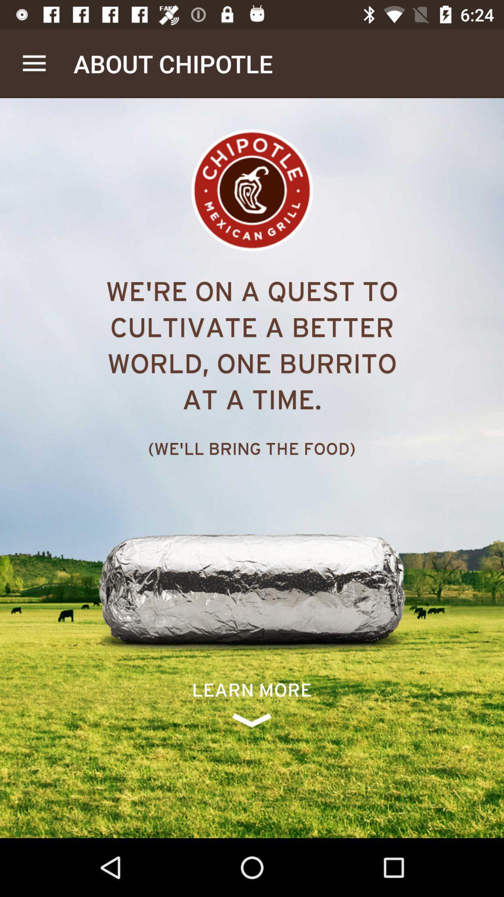 The height and width of the screenshot is (897, 504). I want to click on the app next to the about chipotle item, so click(34, 63).